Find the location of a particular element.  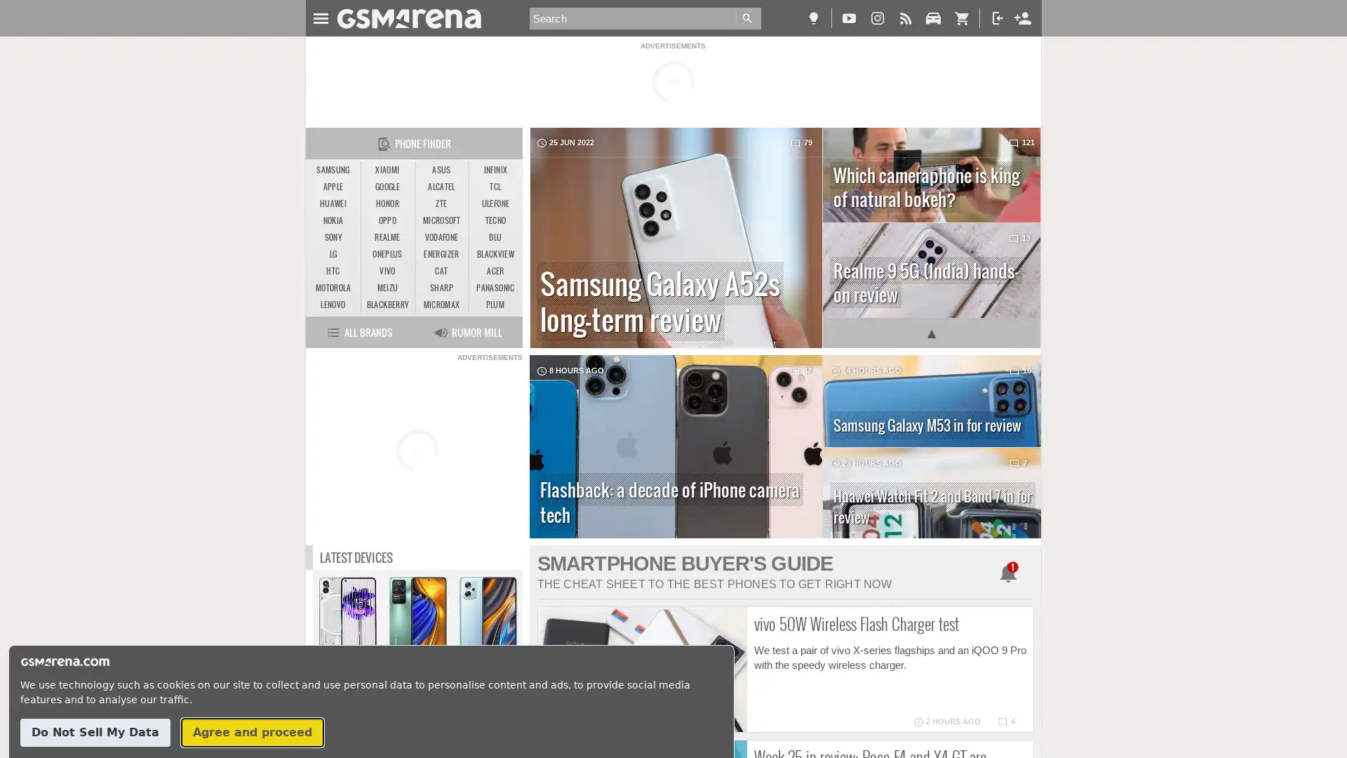

Do Not Sell My Data is located at coordinates (94, 732).